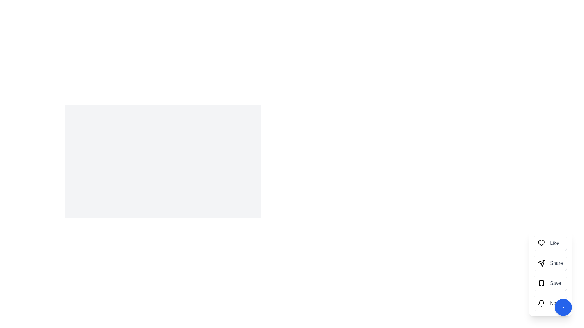 This screenshot has width=584, height=328. Describe the element at coordinates (550, 303) in the screenshot. I see `the bottom-most button in the vertical stack of buttons` at that location.